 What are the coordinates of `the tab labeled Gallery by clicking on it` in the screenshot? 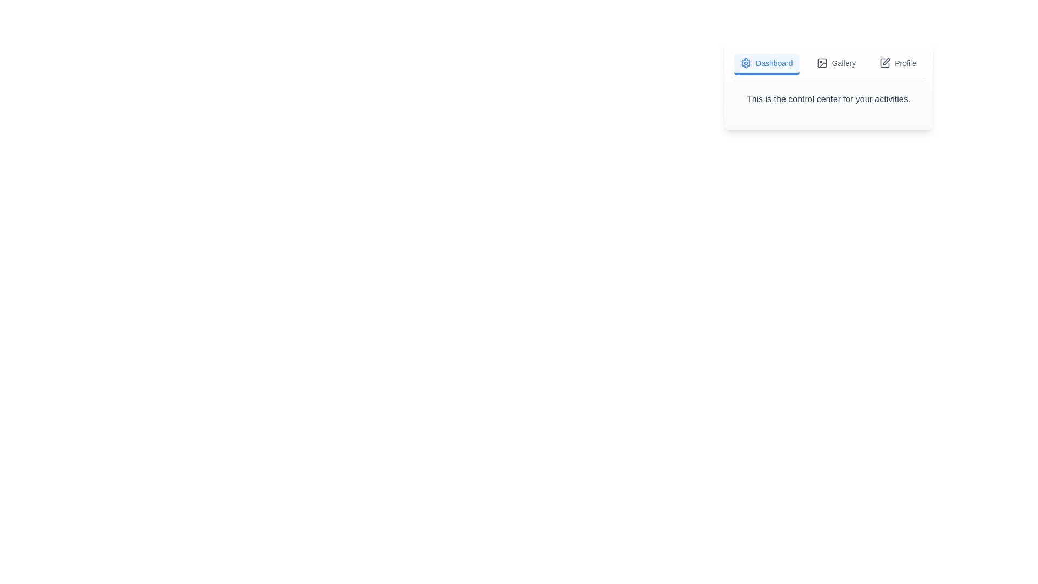 It's located at (835, 64).